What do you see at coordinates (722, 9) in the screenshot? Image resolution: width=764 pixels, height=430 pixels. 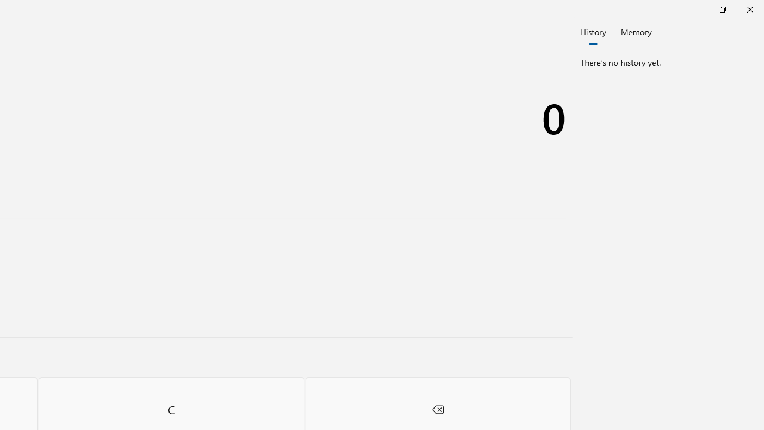 I see `'Restore Calculator'` at bounding box center [722, 9].